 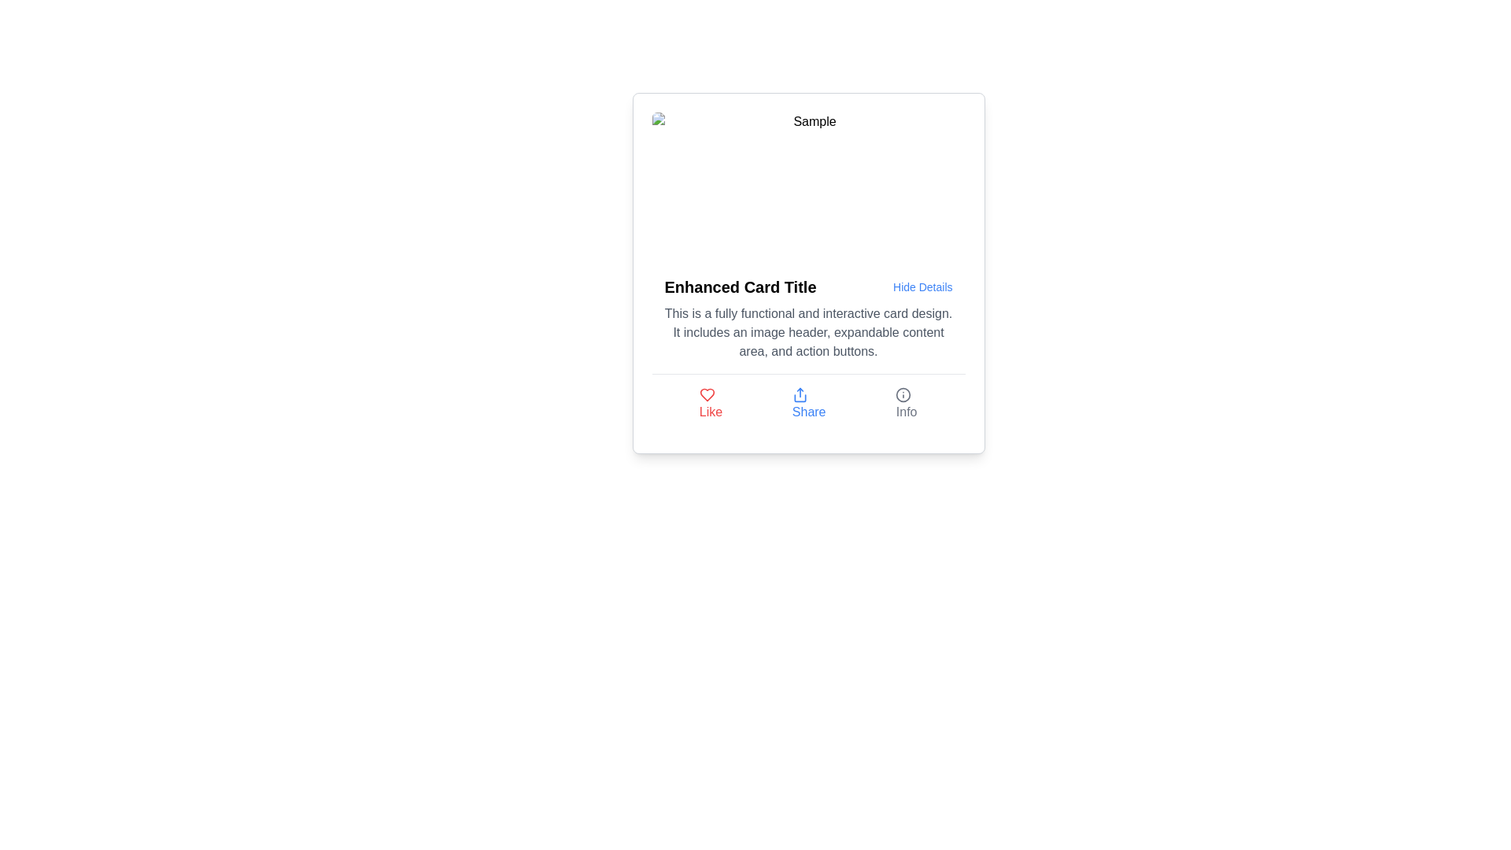 What do you see at coordinates (907, 403) in the screenshot?
I see `the 'Info' button, which features a circular icon with an 'i' and is the rightmost button in a horizontal set of three at the bottom of a card layout` at bounding box center [907, 403].